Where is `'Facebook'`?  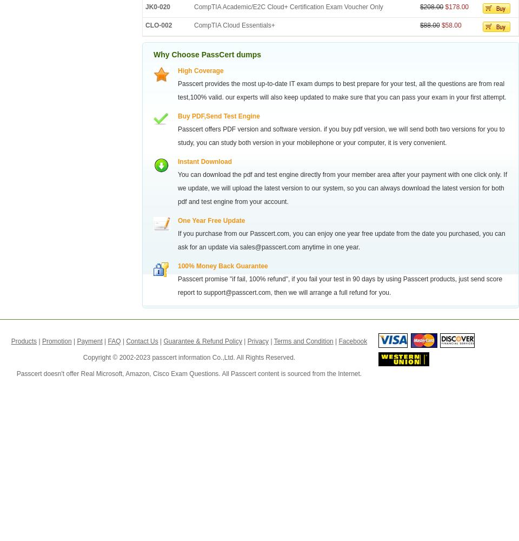 'Facebook' is located at coordinates (352, 341).